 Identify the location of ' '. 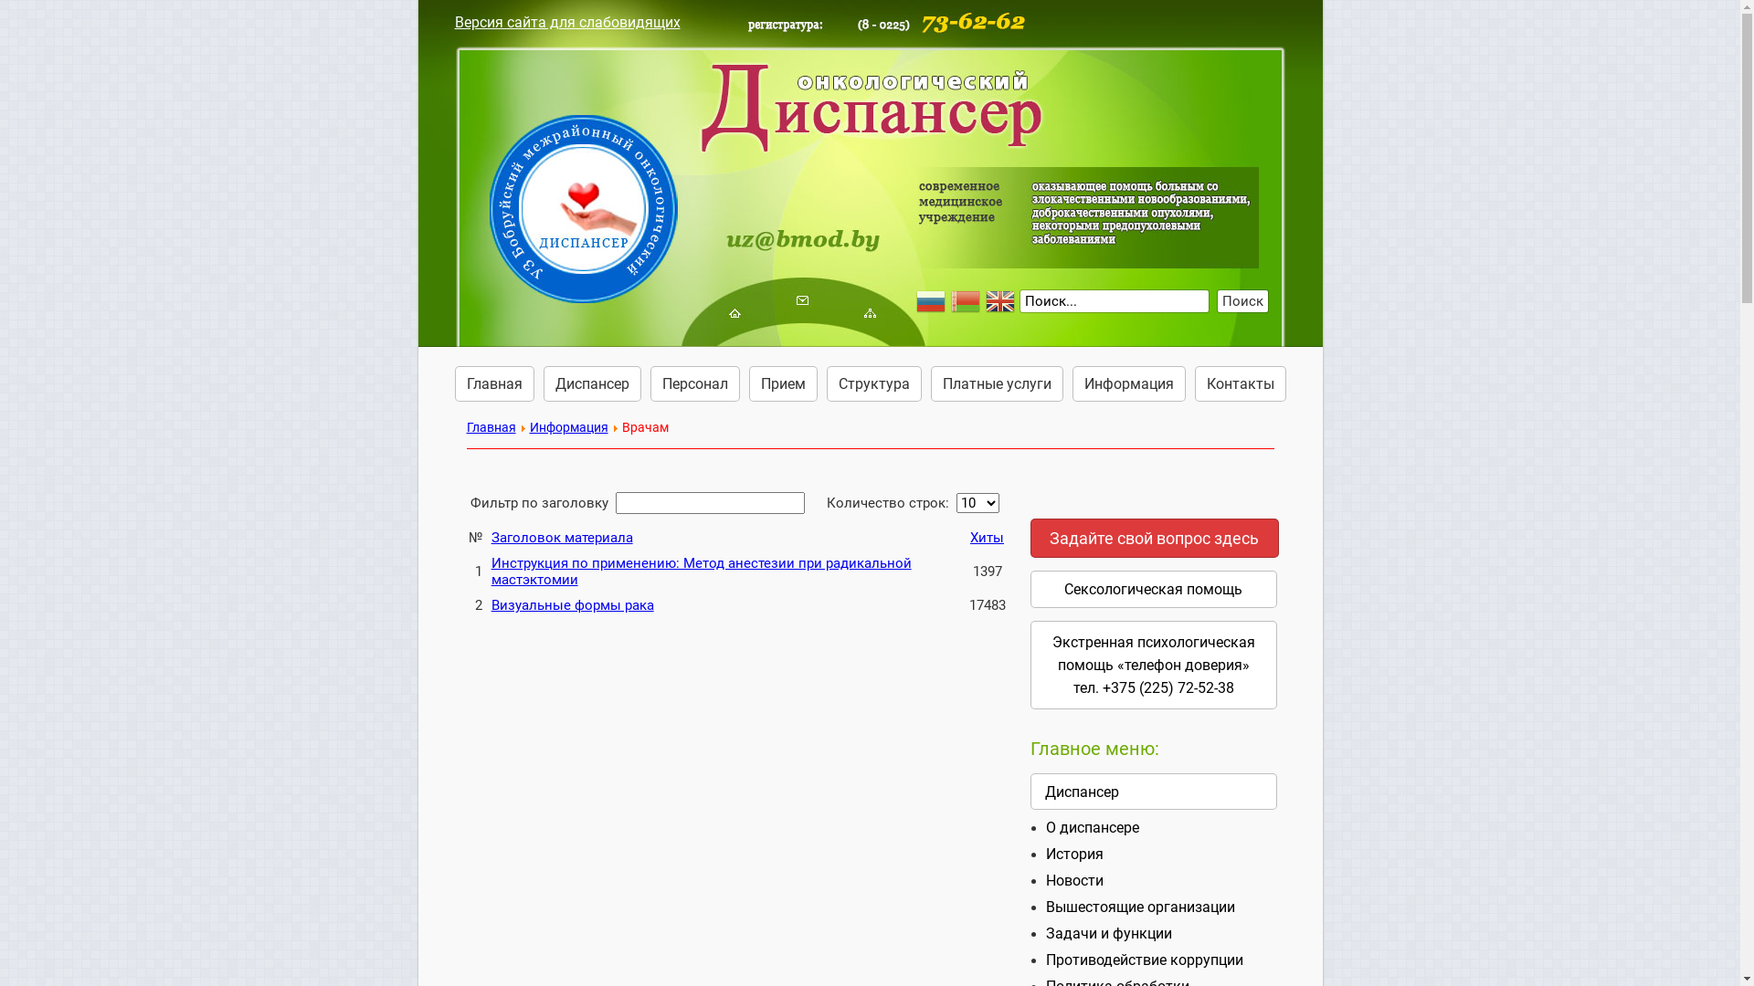
(854, 311).